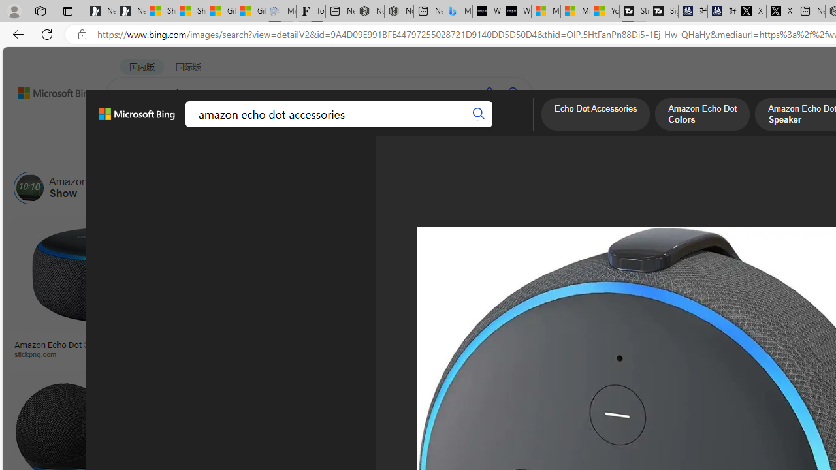  What do you see at coordinates (634, 11) in the screenshot?
I see `'Streaming Coverage | T3'` at bounding box center [634, 11].